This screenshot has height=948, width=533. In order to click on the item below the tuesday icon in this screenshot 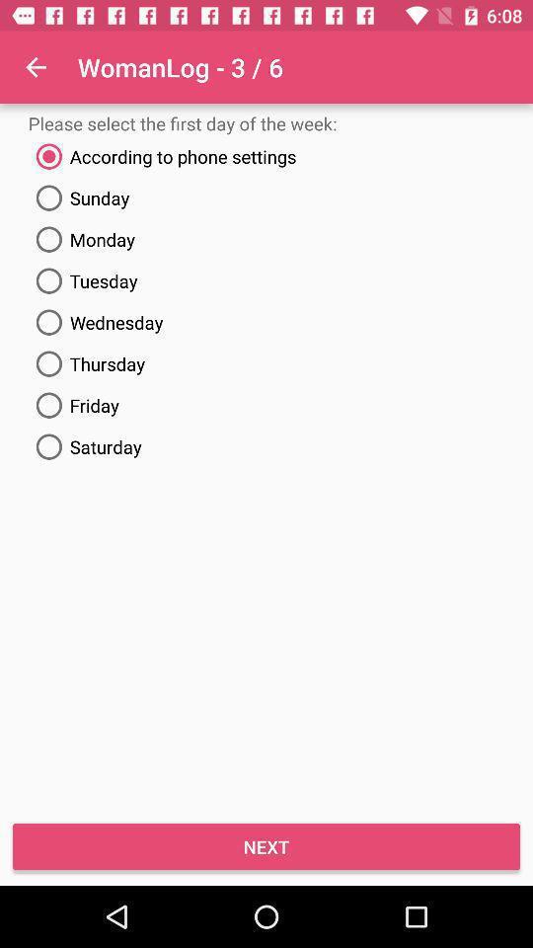, I will do `click(266, 322)`.